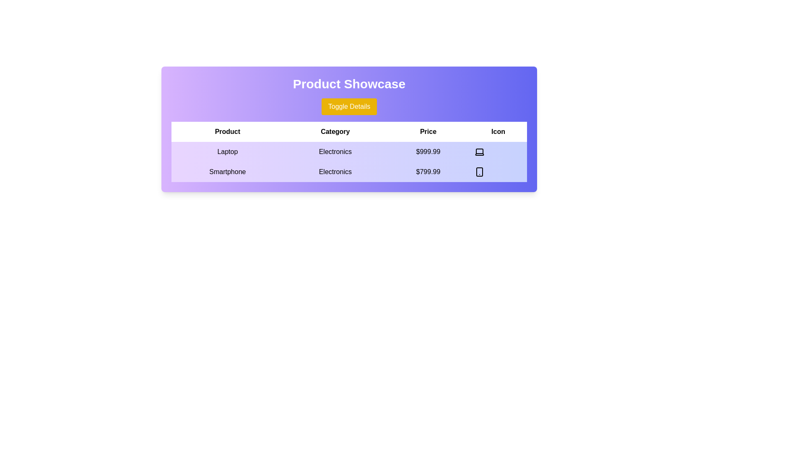 The height and width of the screenshot is (452, 805). What do you see at coordinates (349, 172) in the screenshot?
I see `the second row of the table displaying the product entry for 'Smartphone', which includes the category 'Electronics' and price '$799.99', characterized by a gradient background from purple to indigo` at bounding box center [349, 172].